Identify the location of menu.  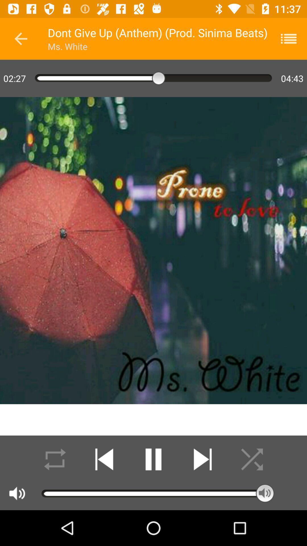
(292, 38).